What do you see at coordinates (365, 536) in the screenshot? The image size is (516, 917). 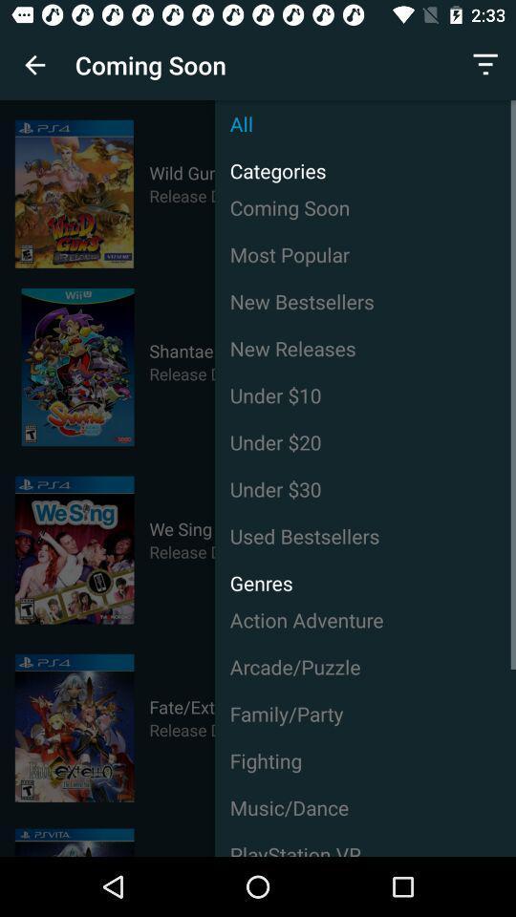 I see `the item to the right of we sing item` at bounding box center [365, 536].